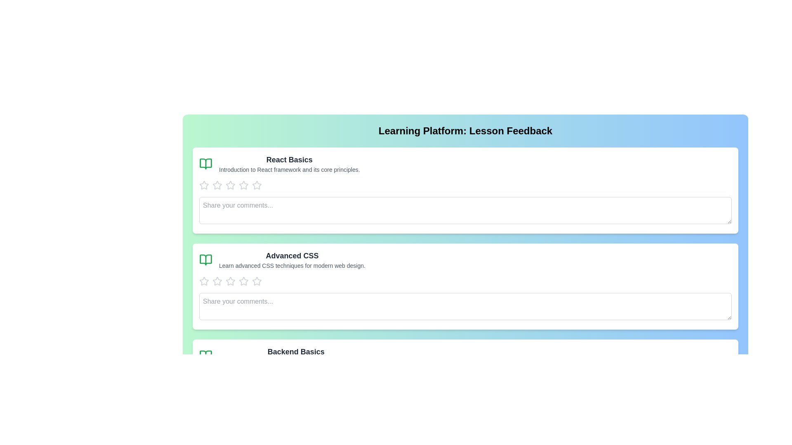  What do you see at coordinates (289, 160) in the screenshot?
I see `the 'React Basics' title text label located at the top of the first card in the vertical list of topics` at bounding box center [289, 160].